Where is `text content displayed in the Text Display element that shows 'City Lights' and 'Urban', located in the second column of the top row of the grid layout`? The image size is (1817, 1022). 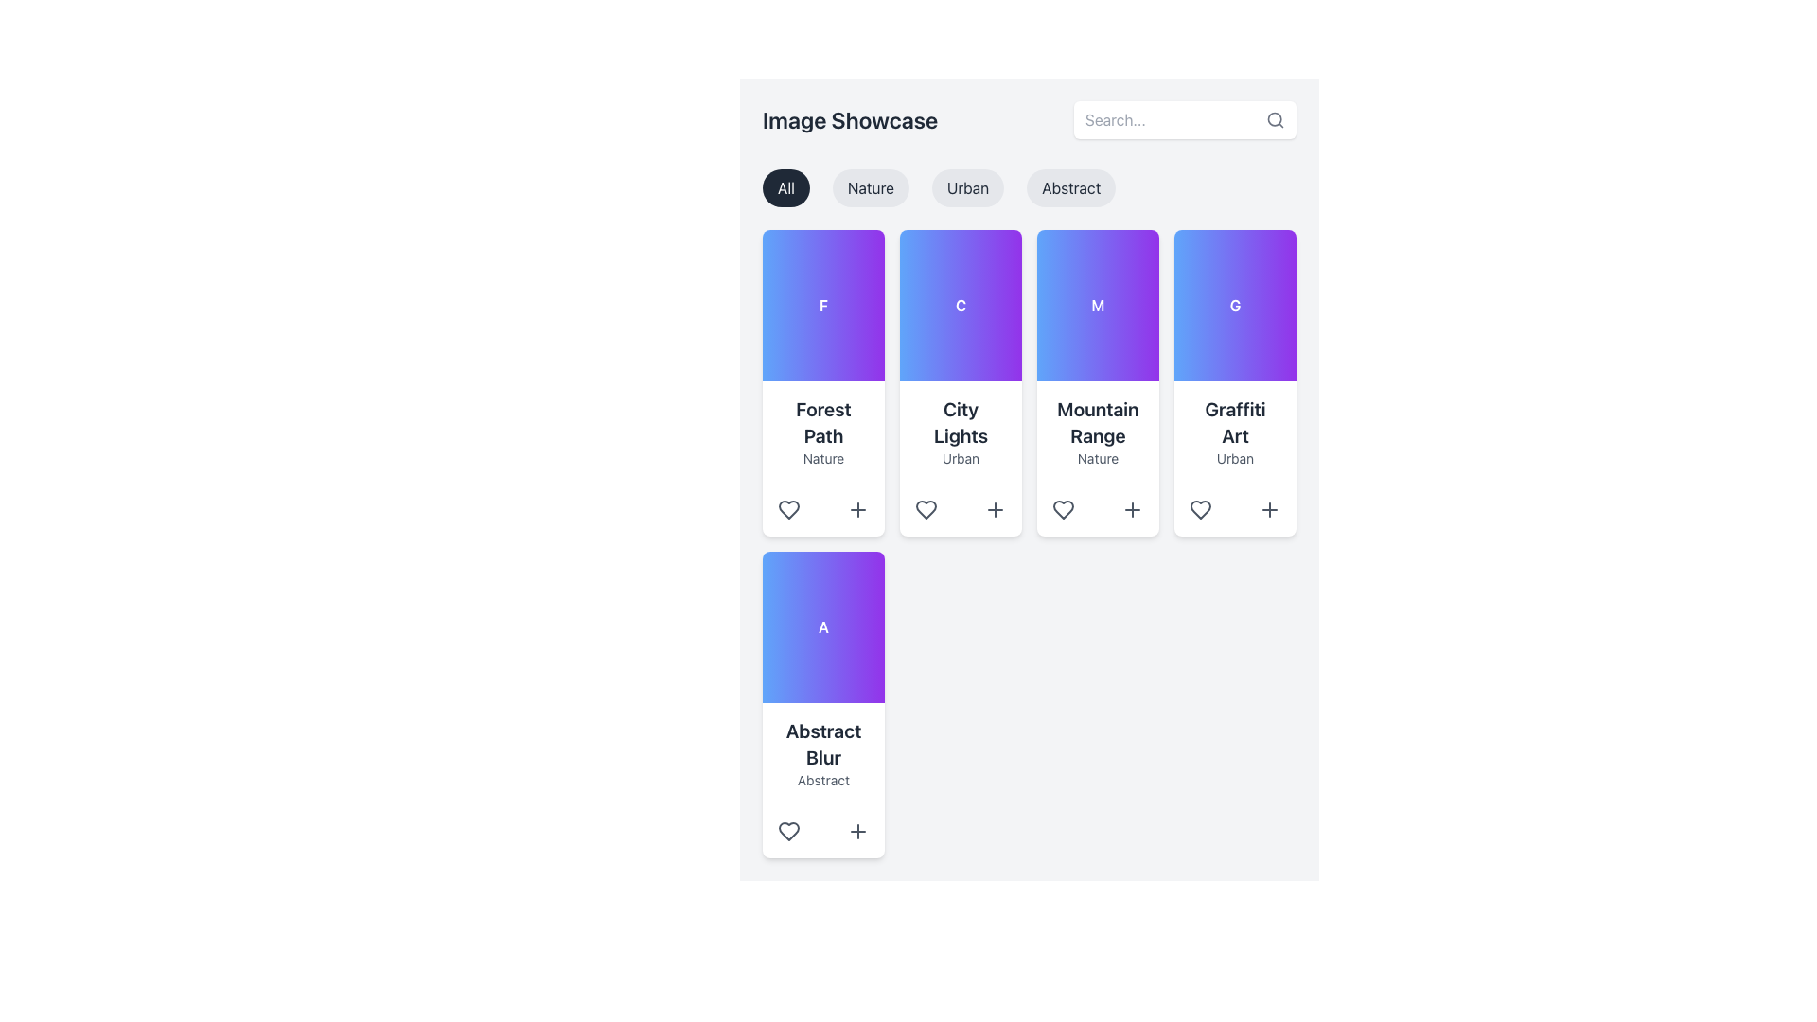
text content displayed in the Text Display element that shows 'City Lights' and 'Urban', located in the second column of the top row of the grid layout is located at coordinates (961, 432).